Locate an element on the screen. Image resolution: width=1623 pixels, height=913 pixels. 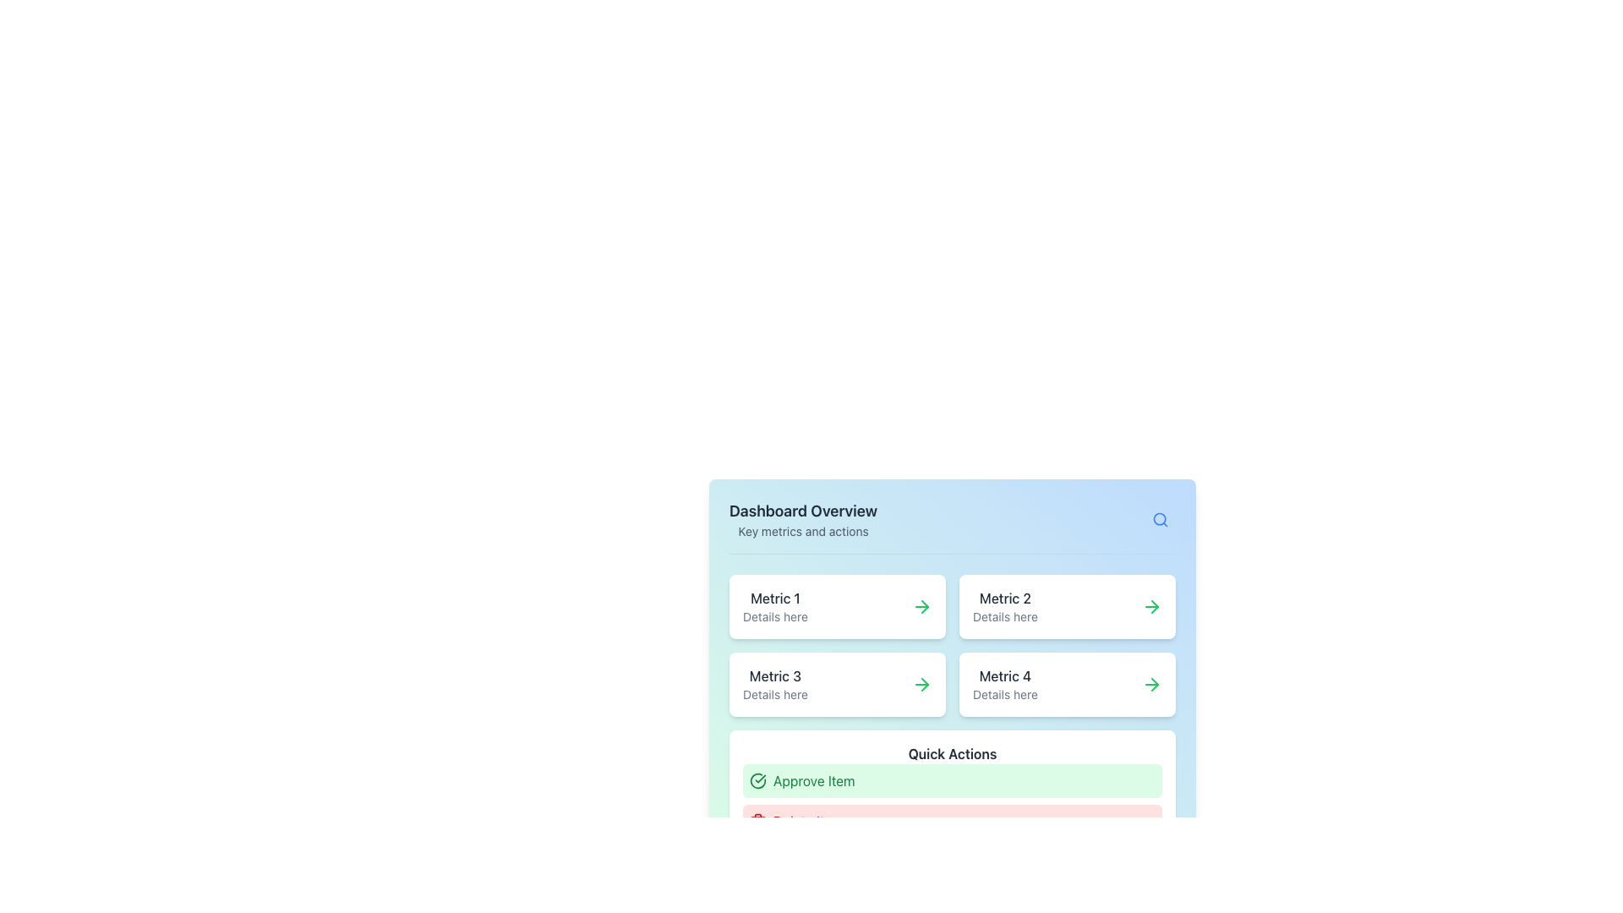
the 'Metric 3' card in the 'Dashboard Overview' section is located at coordinates (837, 685).